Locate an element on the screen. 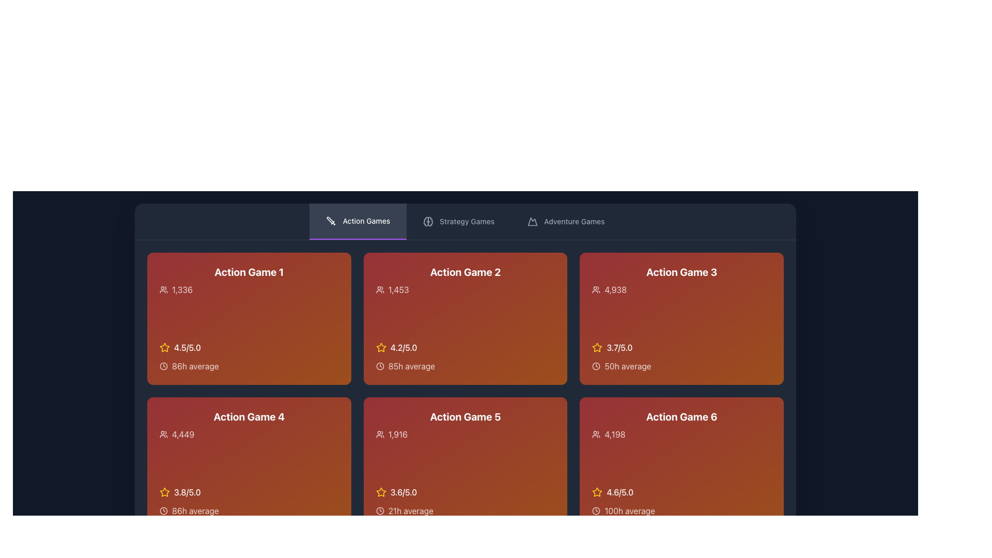  the title text of the first card in the game list, which is located at the top center of the card and serves as the heading for the game is located at coordinates (249, 272).